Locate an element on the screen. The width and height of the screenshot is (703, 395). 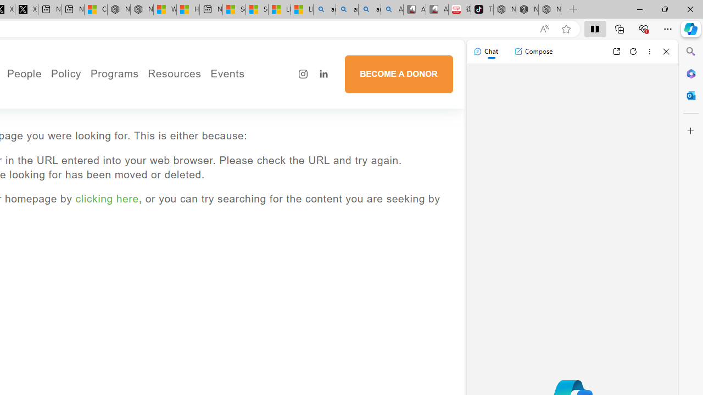
'Customize' is located at coordinates (690, 131).